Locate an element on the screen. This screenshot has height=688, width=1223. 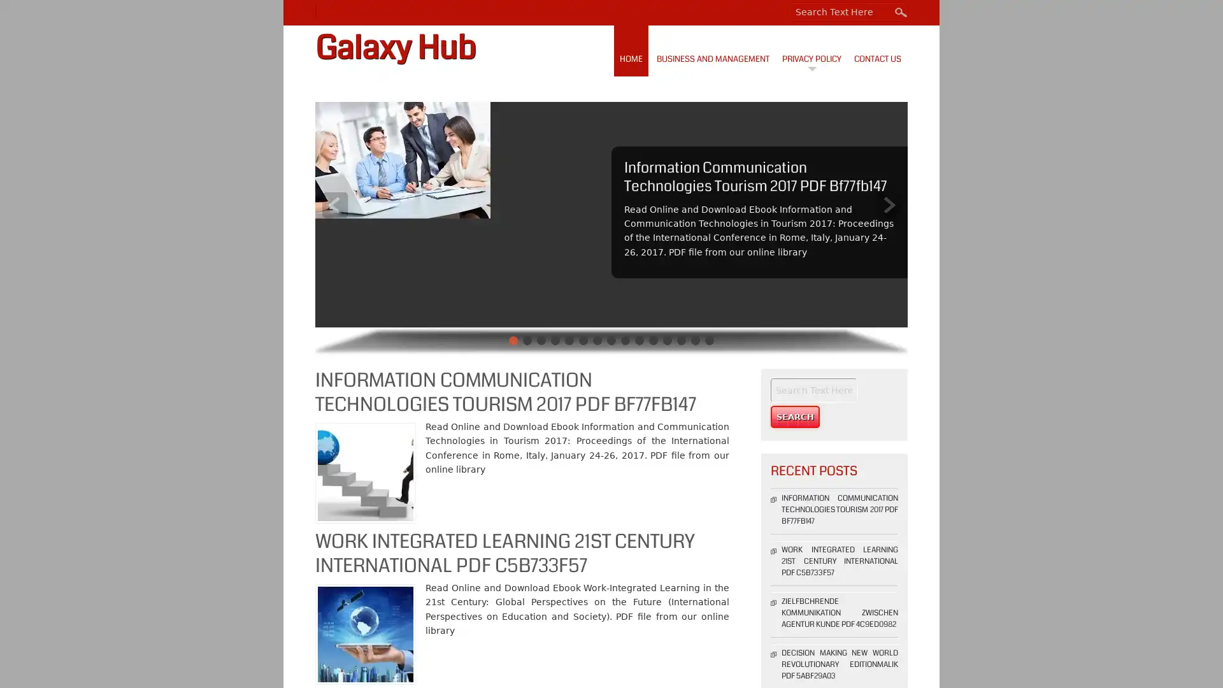
Search is located at coordinates (794, 417).